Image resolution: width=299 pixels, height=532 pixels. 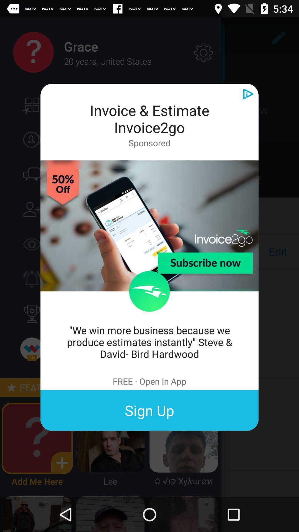 What do you see at coordinates (149, 410) in the screenshot?
I see `the sign up item` at bounding box center [149, 410].